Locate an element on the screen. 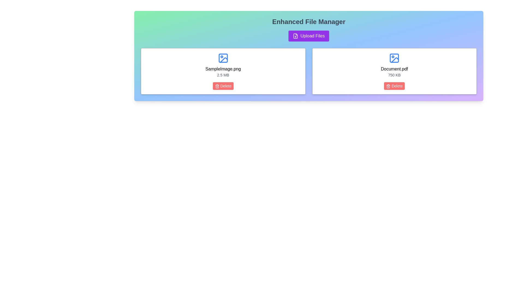 The height and width of the screenshot is (295, 524). the static text label that displays the file size information for 'Document.pdf' in the Enhanced File Manager interface, located below the document name and above the delete button is located at coordinates (394, 75).